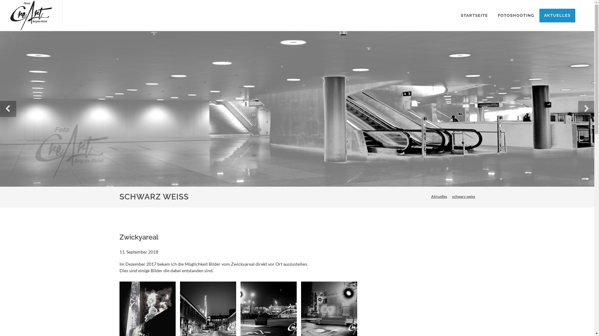 The image size is (599, 336). Describe the element at coordinates (493, 15) in the screenshot. I see `'FOTOSHOOTING'` at that location.